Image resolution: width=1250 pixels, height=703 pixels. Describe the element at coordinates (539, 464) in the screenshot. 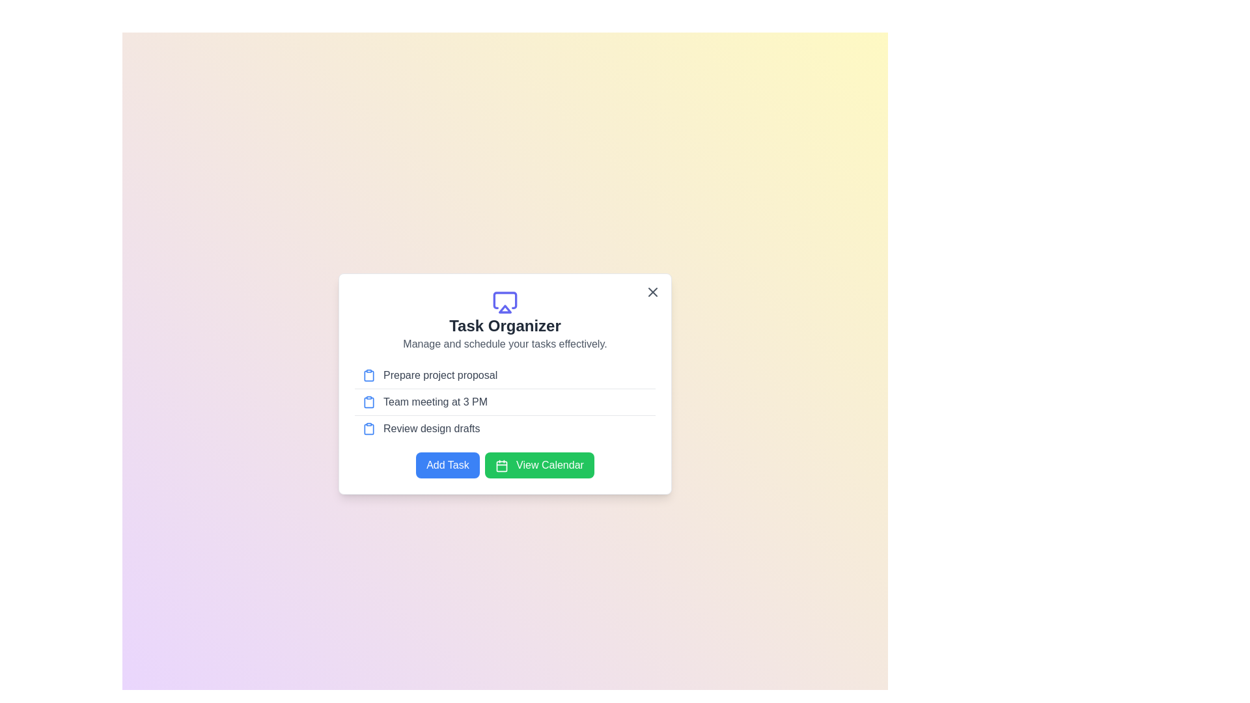

I see `the calendar view button, which is the second button in a row of buttons beneath the task list section, positioned to the right of the blue 'Add Task' button` at that location.